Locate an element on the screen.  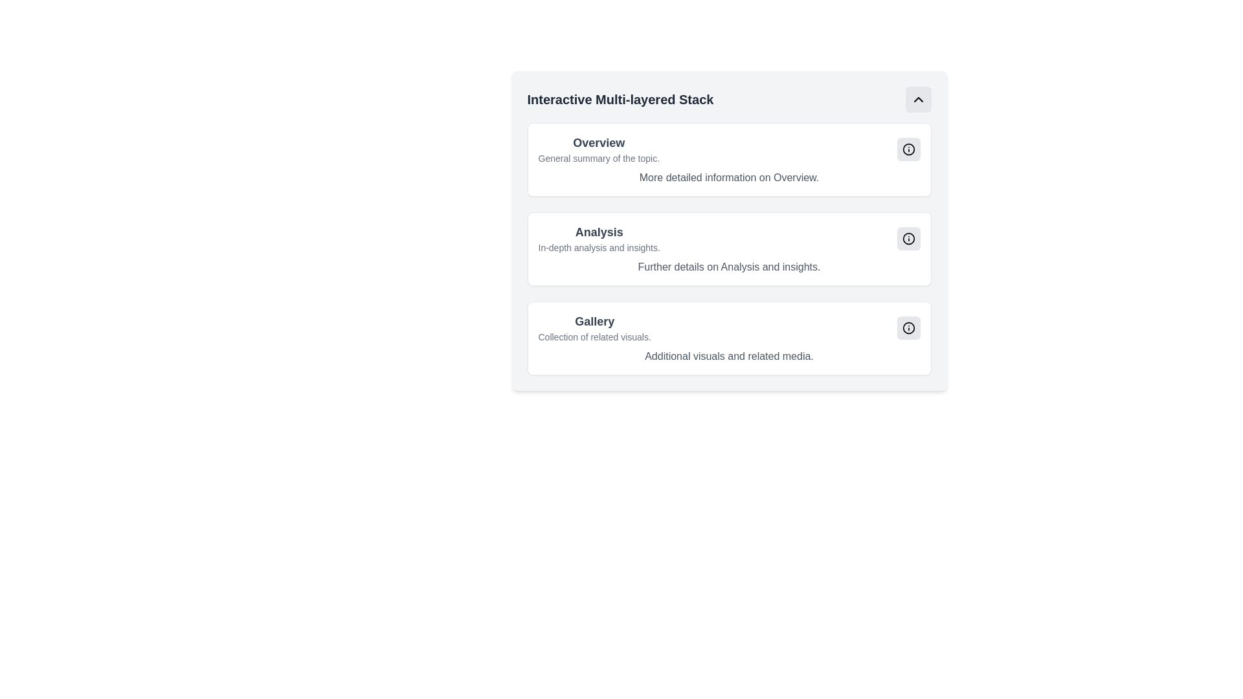
the help icon located at the far-right of the 'Analysis' section is located at coordinates (908, 239).